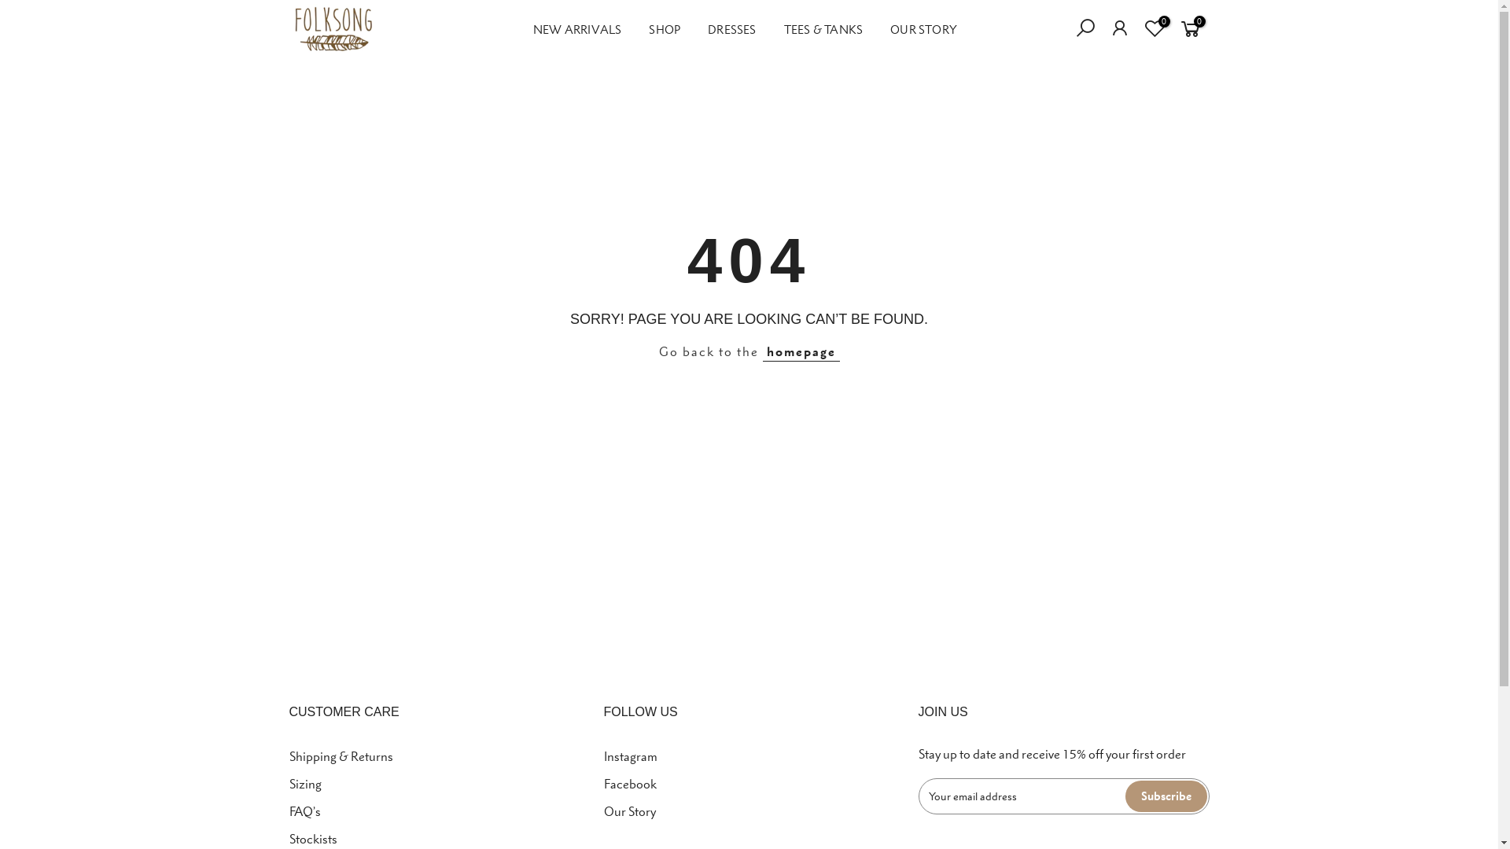  I want to click on 'TEES & TANKS', so click(822, 29).